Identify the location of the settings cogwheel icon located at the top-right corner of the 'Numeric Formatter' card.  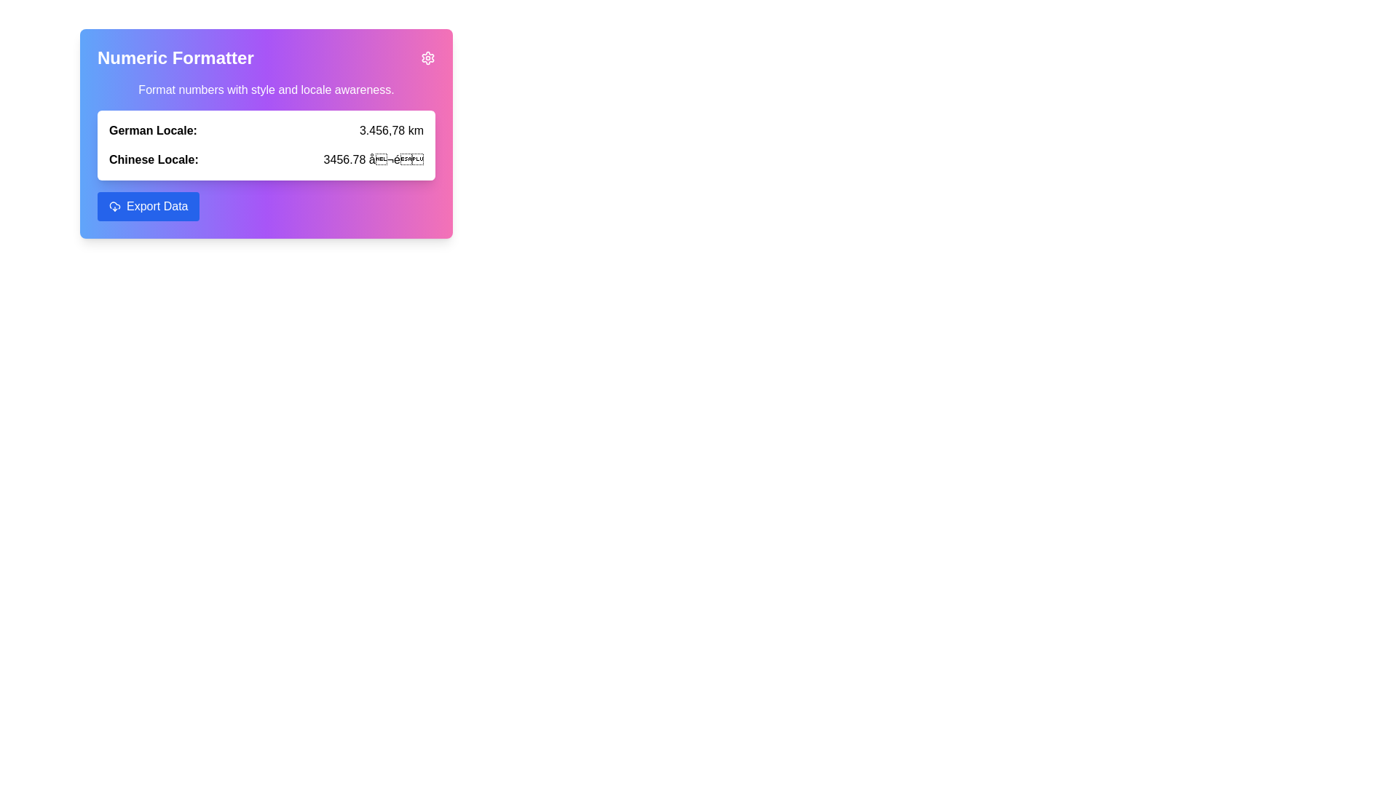
(427, 57).